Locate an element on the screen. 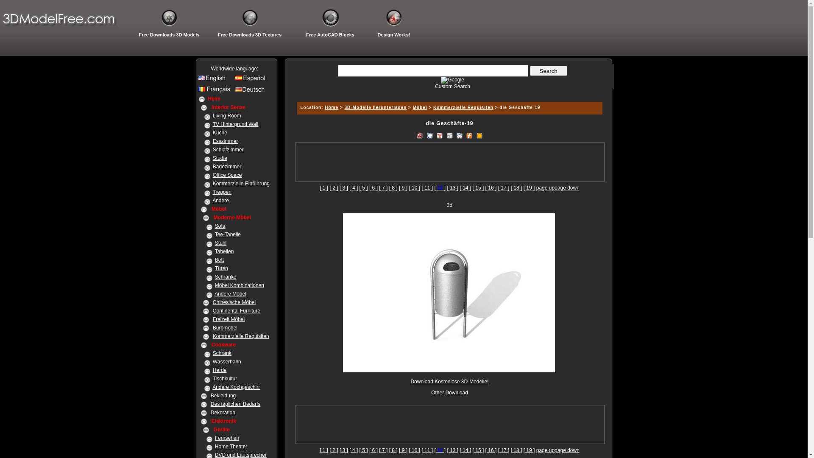  'Free Downloads 3D Textures' is located at coordinates (249, 34).